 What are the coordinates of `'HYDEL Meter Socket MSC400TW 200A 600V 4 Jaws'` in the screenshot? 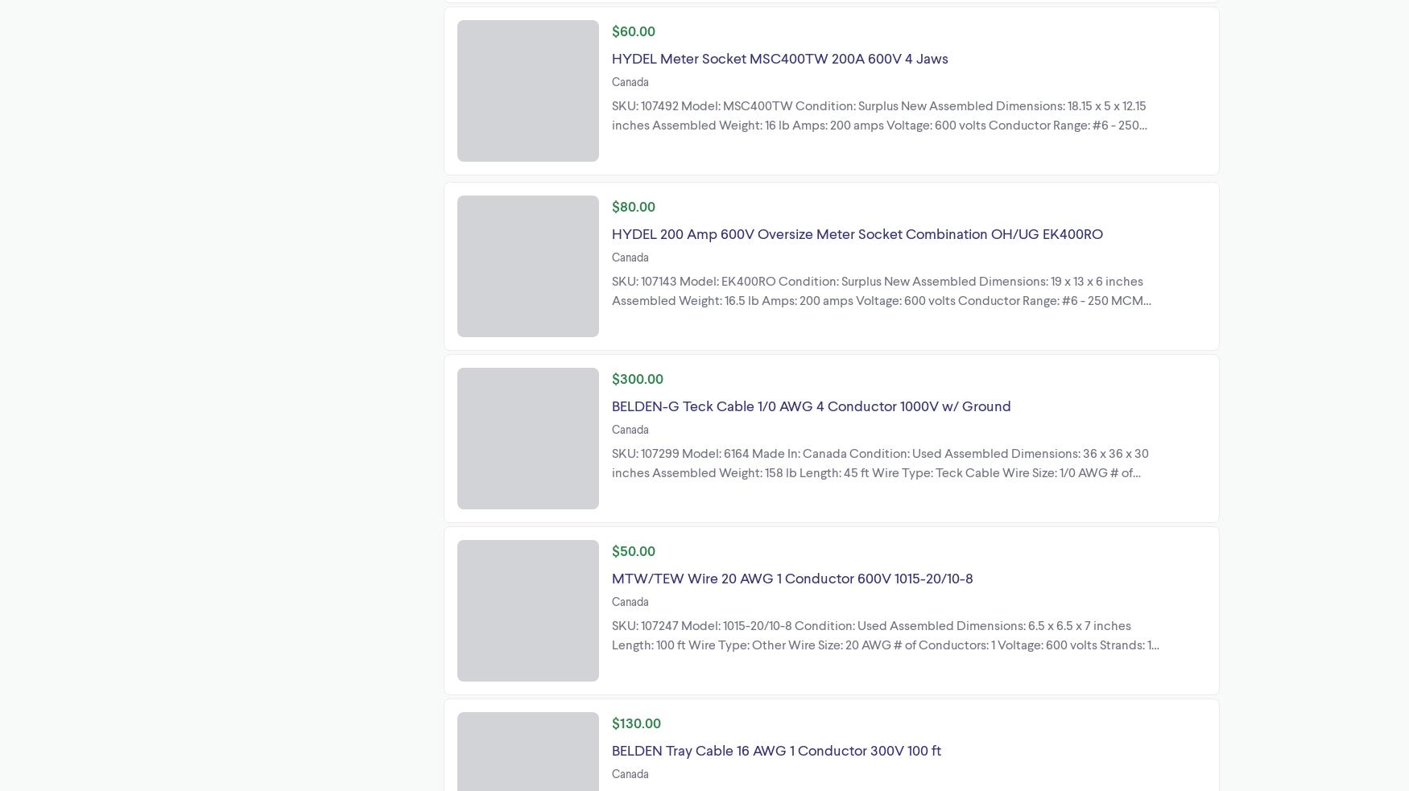 It's located at (779, 56).